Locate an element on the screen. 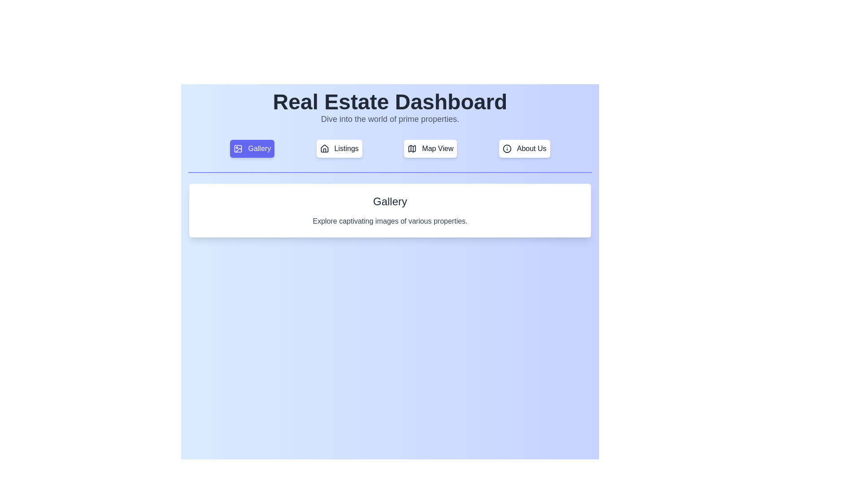 The height and width of the screenshot is (484, 861). the tab labeled Listings to observe its hover effect is located at coordinates (339, 148).